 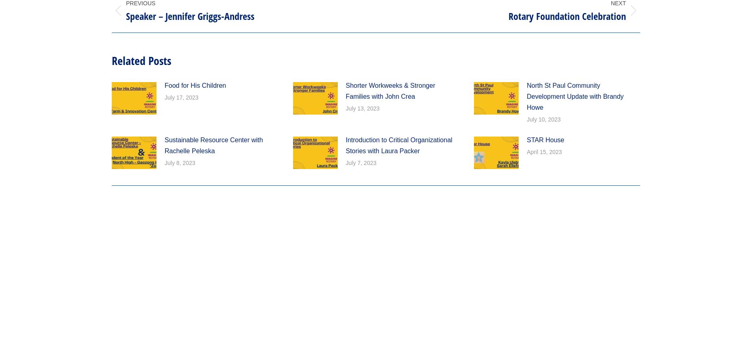 I want to click on 'North St. Paul, MN 55109', so click(x=294, y=37).